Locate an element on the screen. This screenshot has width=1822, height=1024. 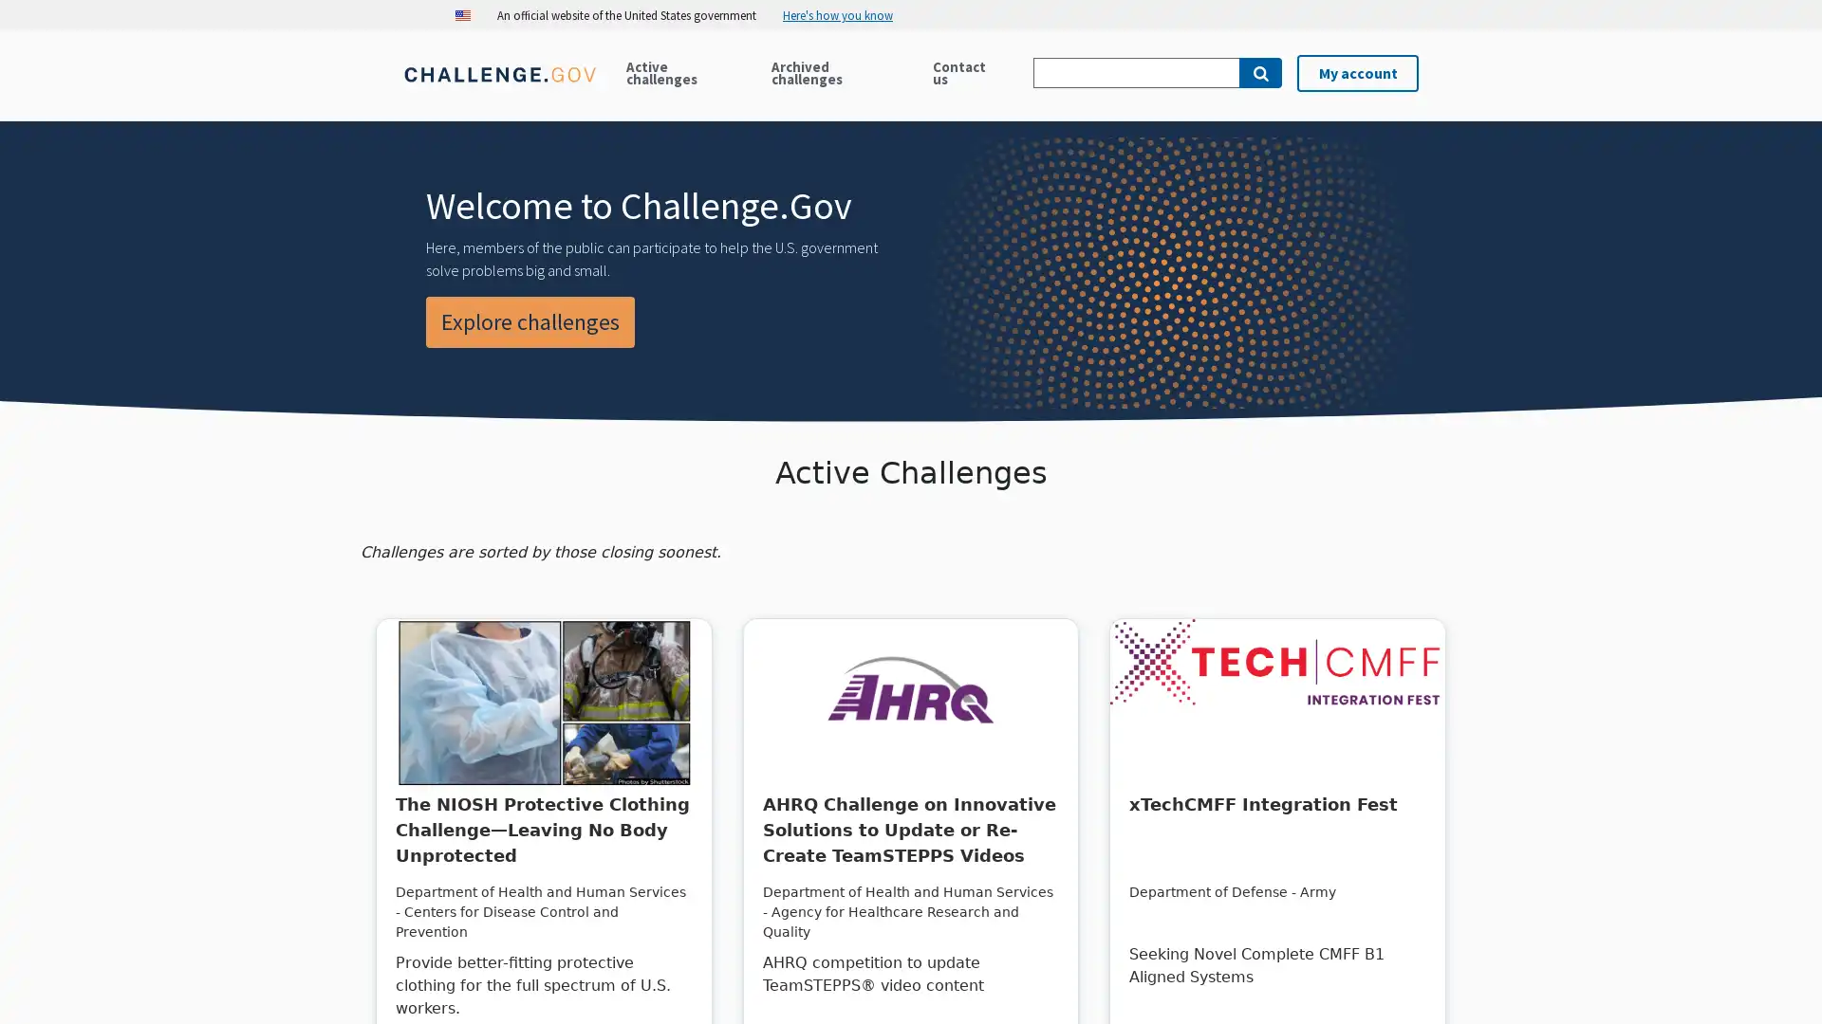
Explore challenges is located at coordinates (530, 320).